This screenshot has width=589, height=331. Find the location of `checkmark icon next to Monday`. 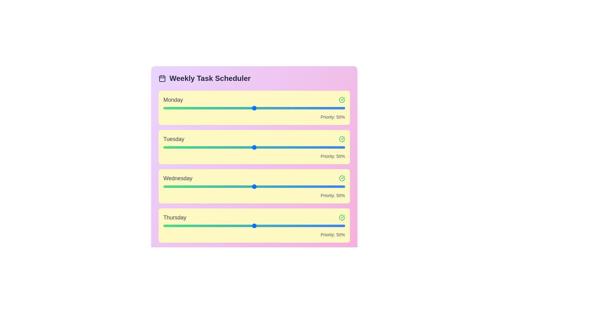

checkmark icon next to Monday is located at coordinates (341, 100).